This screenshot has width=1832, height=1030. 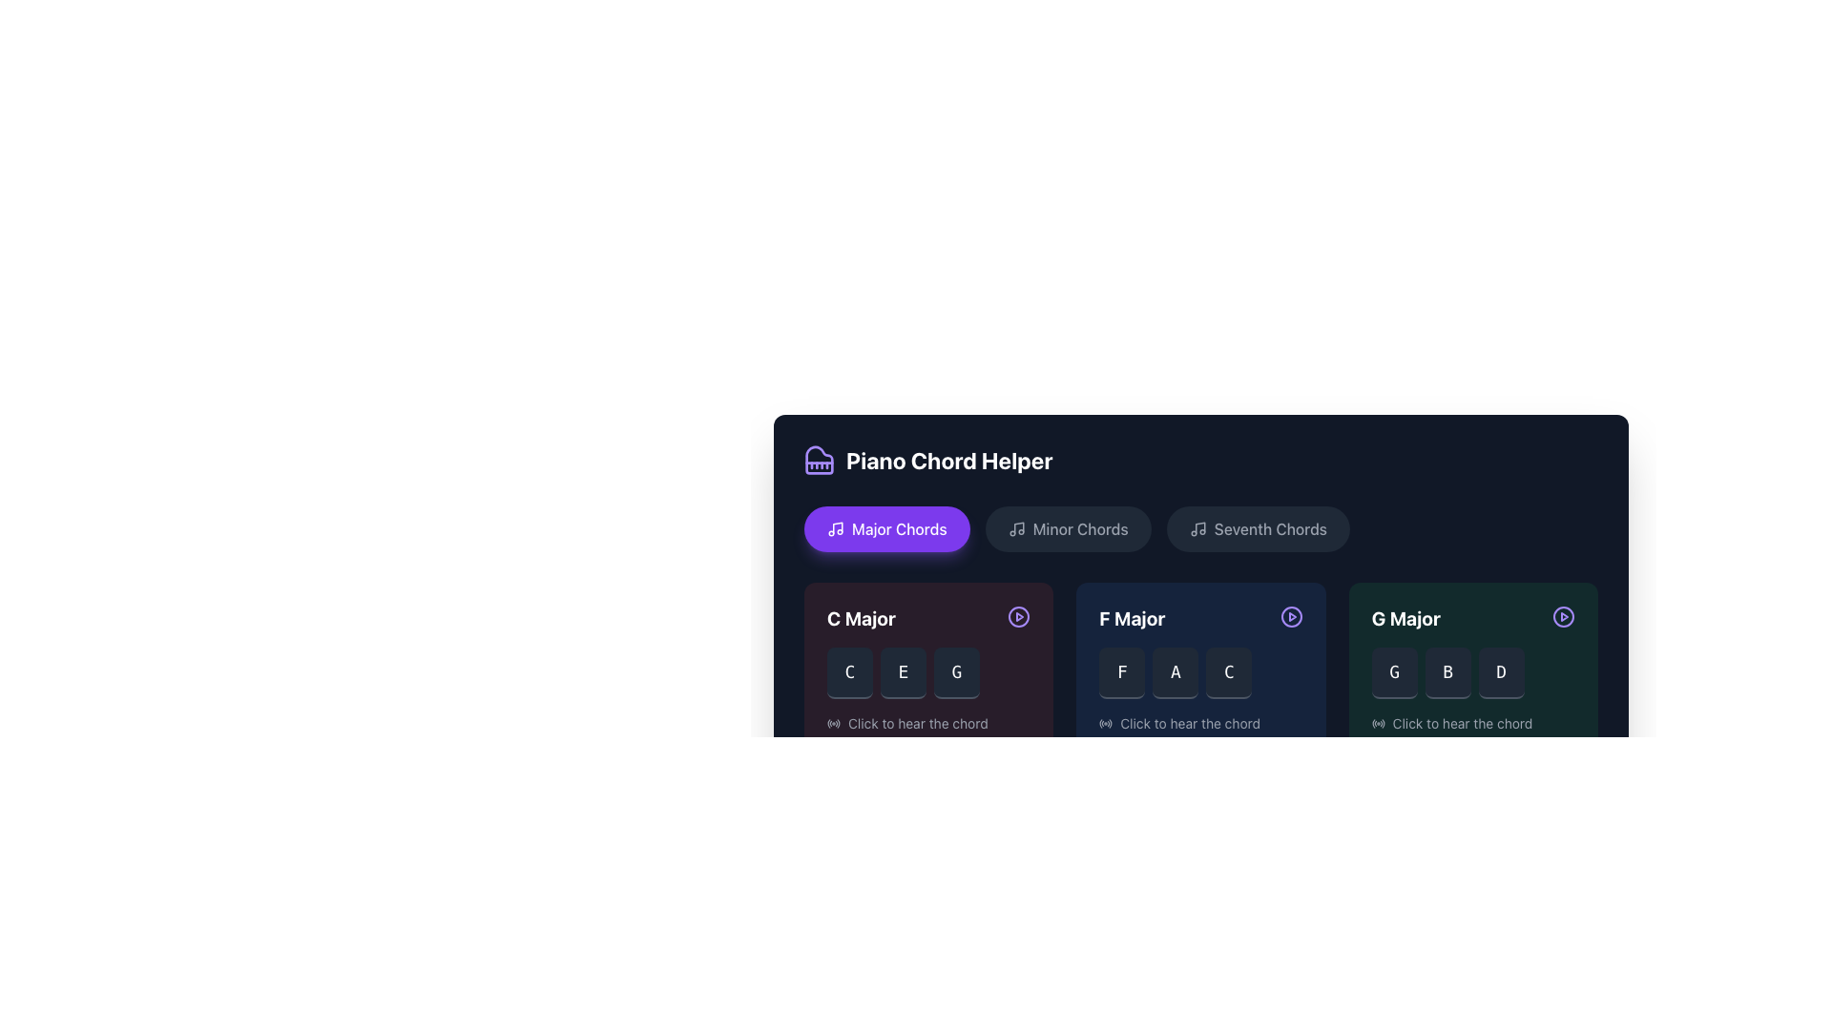 I want to click on the 'C' note button in the 'F Major' chord card, so click(x=1228, y=671).